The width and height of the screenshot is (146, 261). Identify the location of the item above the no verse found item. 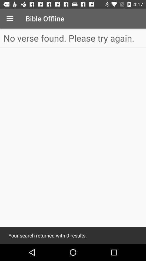
(10, 18).